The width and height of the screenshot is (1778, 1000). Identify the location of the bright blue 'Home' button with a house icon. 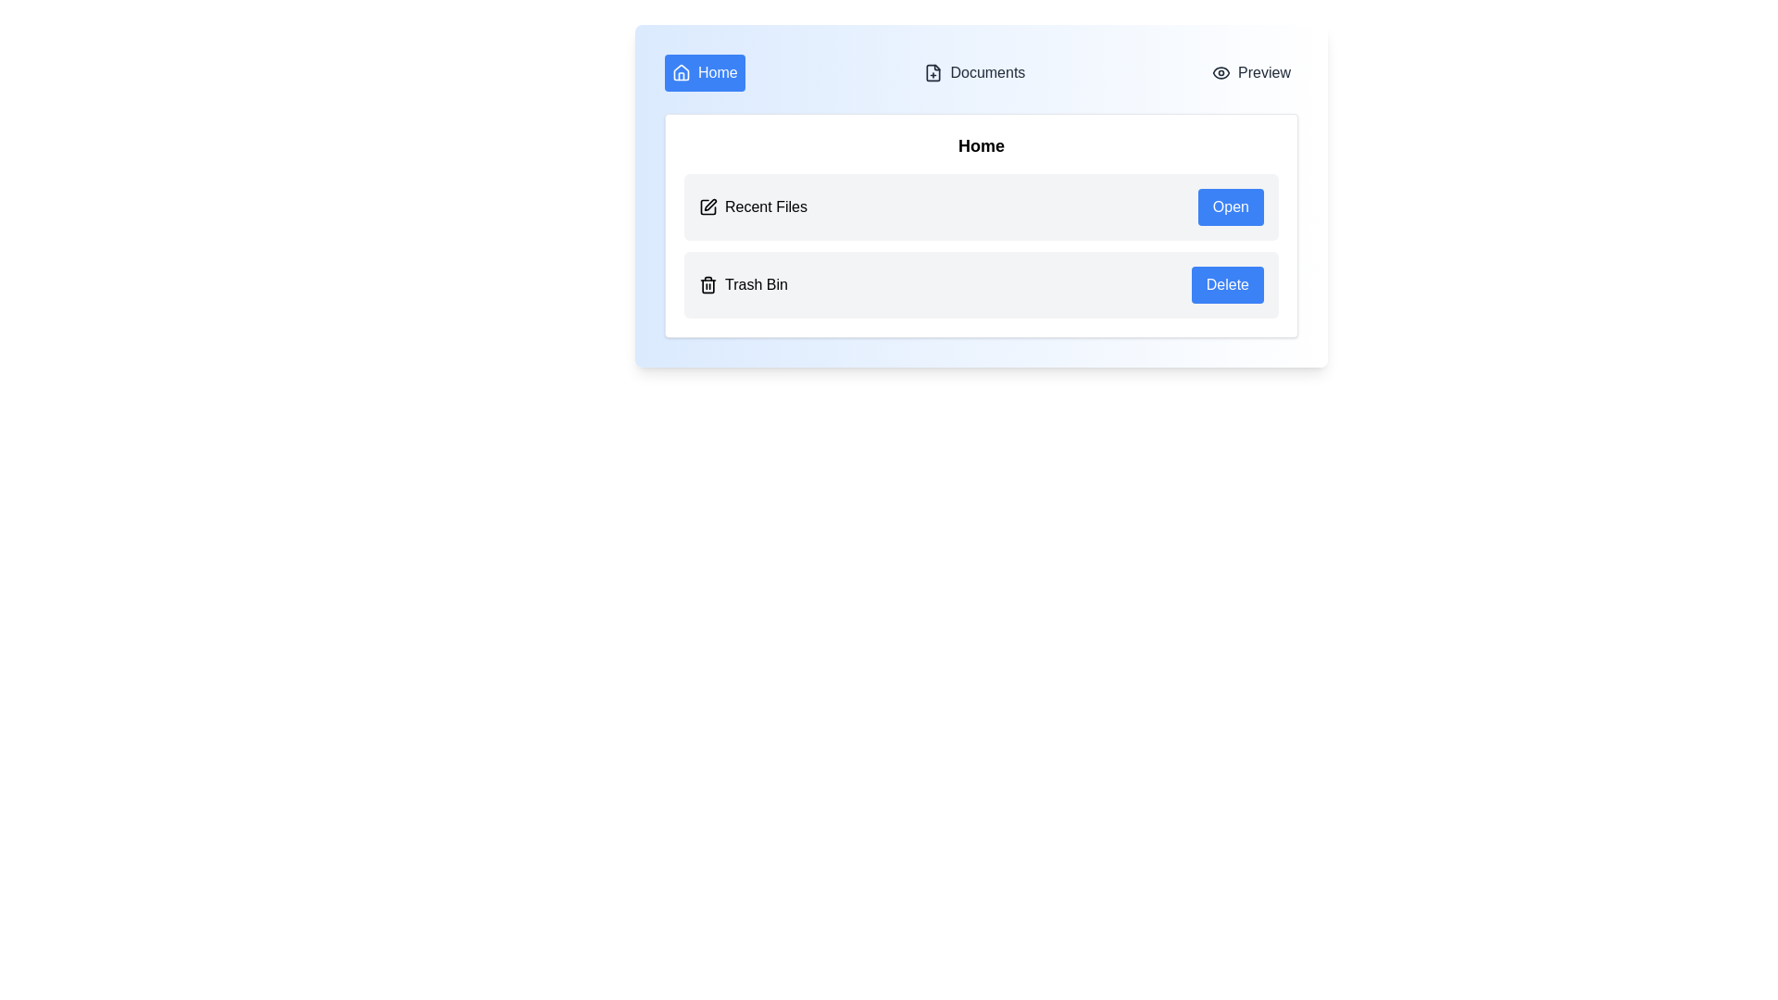
(704, 71).